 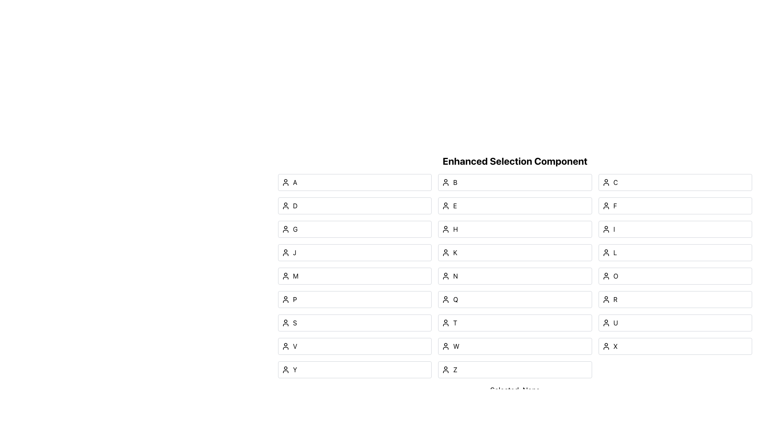 What do you see at coordinates (515, 369) in the screenshot?
I see `the button with a white background, black border, rounded corners, and labeled with 'Z' in the bottom right corner of the grid` at bounding box center [515, 369].